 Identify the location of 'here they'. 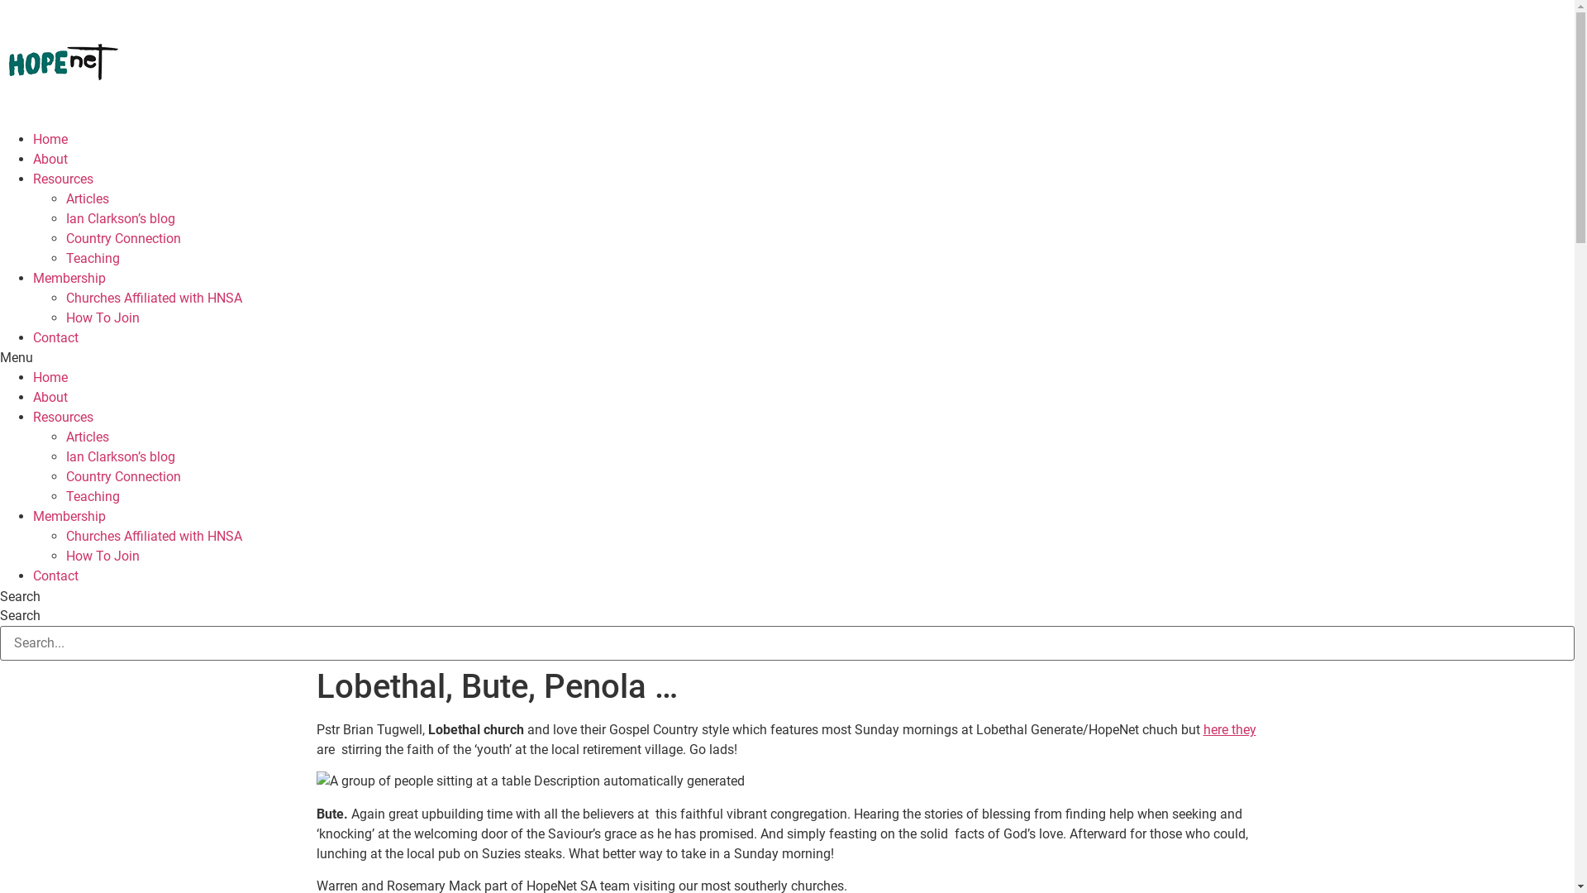
(1230, 728).